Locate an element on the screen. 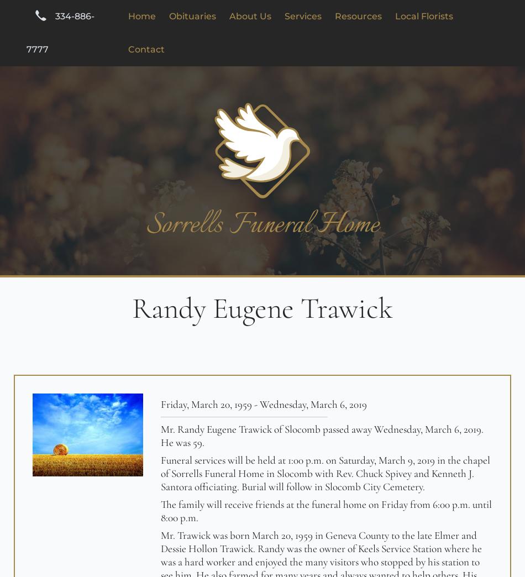 This screenshot has width=525, height=577. '334-886-7777' is located at coordinates (60, 32).